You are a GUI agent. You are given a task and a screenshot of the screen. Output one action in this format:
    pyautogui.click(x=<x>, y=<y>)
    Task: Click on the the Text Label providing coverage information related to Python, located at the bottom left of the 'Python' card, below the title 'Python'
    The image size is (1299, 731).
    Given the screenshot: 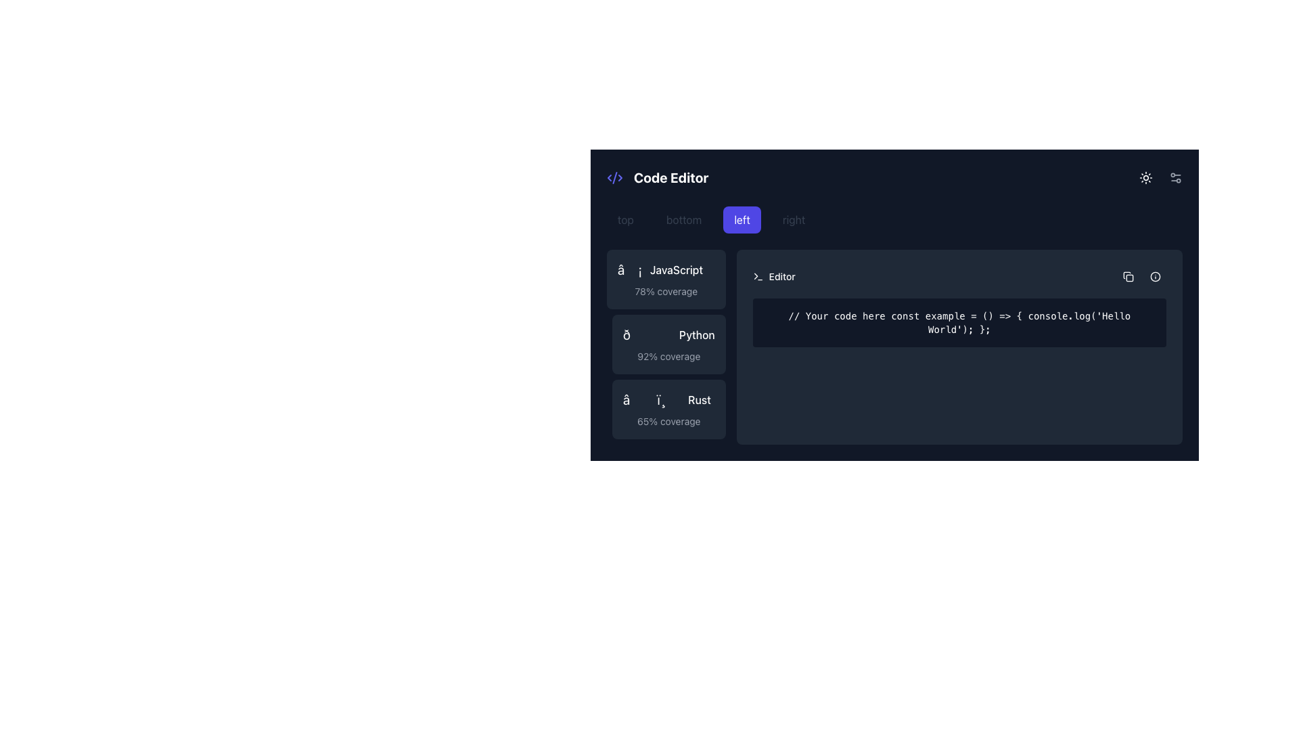 What is the action you would take?
    pyautogui.click(x=668, y=356)
    